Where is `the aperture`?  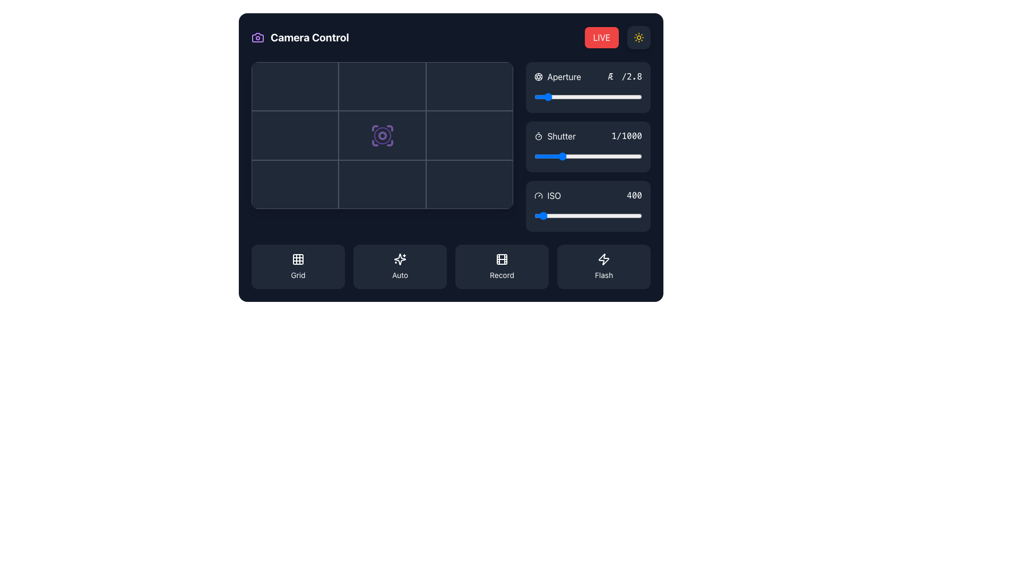 the aperture is located at coordinates (612, 97).